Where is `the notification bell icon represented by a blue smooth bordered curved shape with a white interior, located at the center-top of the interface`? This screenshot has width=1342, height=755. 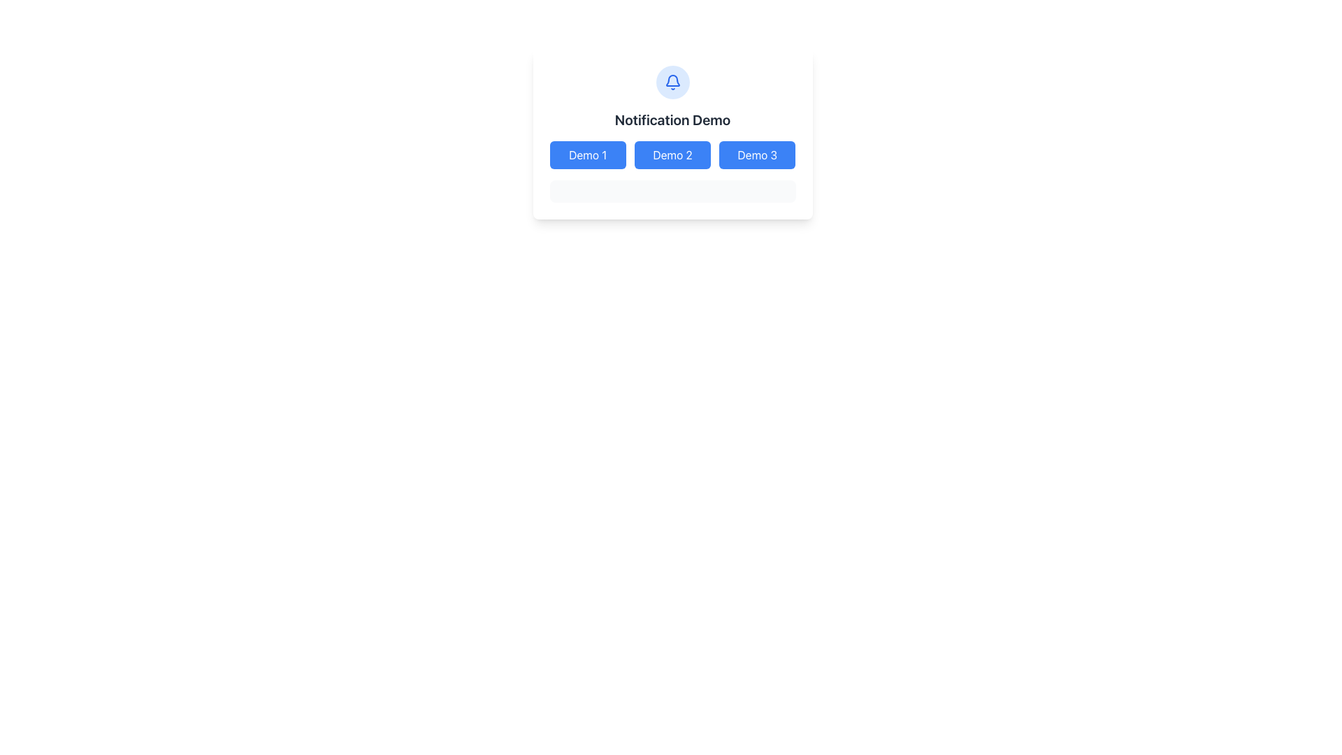
the notification bell icon represented by a blue smooth bordered curved shape with a white interior, located at the center-top of the interface is located at coordinates (672, 80).